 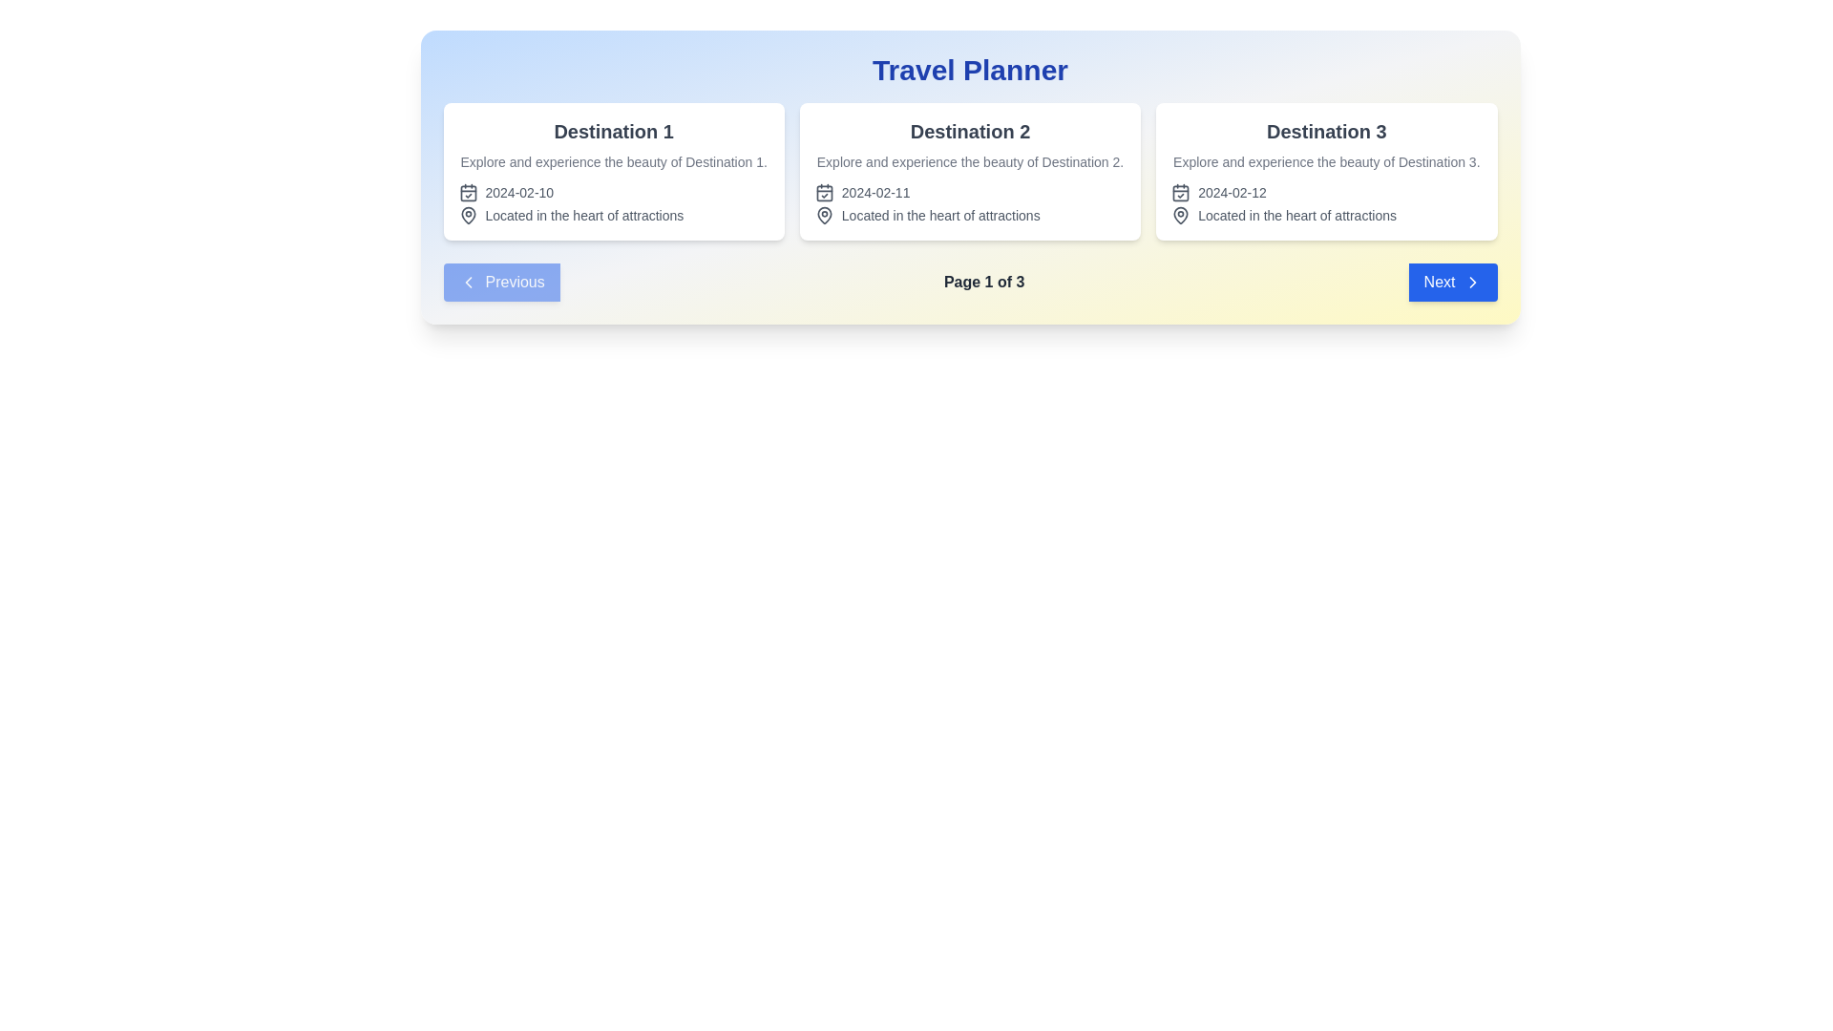 What do you see at coordinates (1325, 160) in the screenshot?
I see `the text paragraph that reads 'Explore and experience the beauty of Destination 3.' which is the second visible text element in the card labeled 'Destination 3'` at bounding box center [1325, 160].